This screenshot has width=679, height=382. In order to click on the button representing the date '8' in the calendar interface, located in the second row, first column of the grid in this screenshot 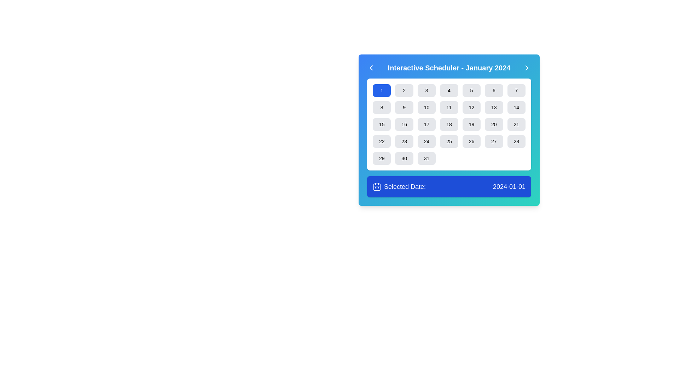, I will do `click(381, 108)`.